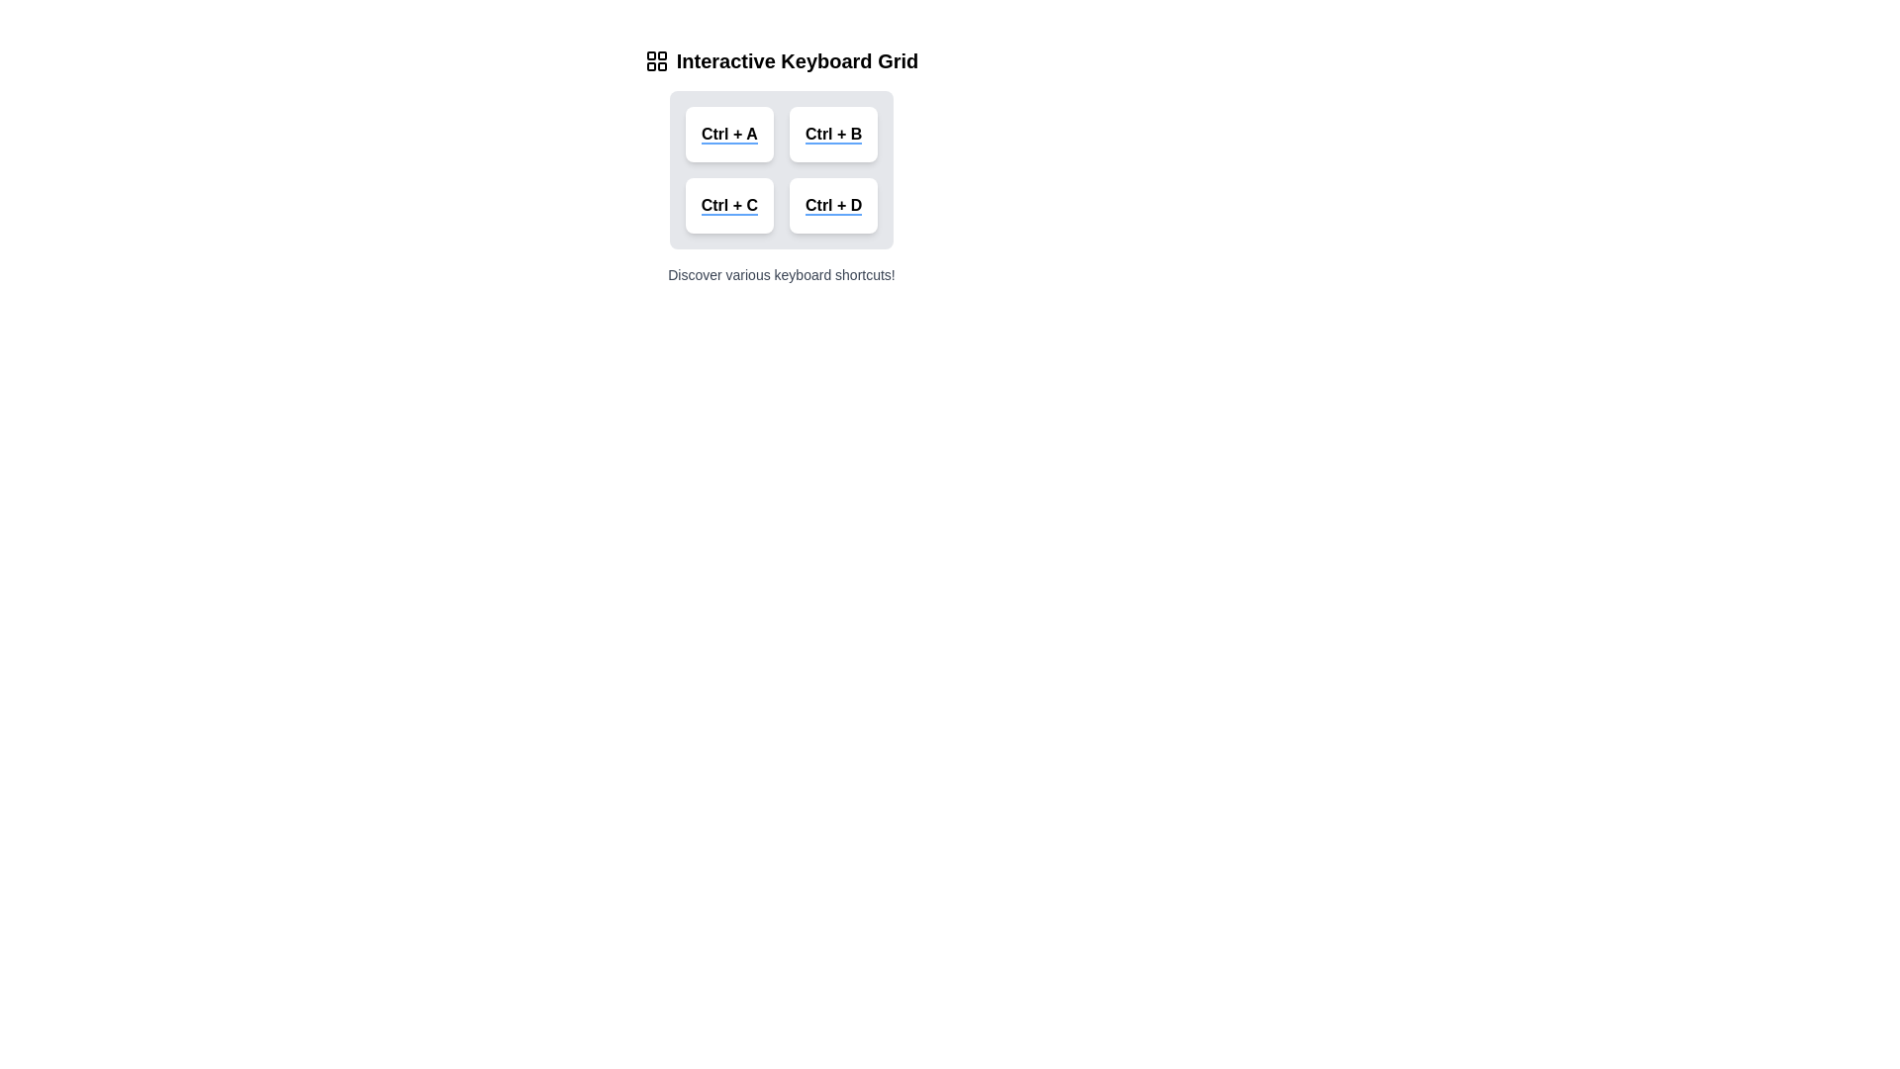 The width and height of the screenshot is (1900, 1069). What do you see at coordinates (833, 134) in the screenshot?
I see `the keyboard shortcut button for 'Ctrl + B' located in the first row, second column of the grid` at bounding box center [833, 134].